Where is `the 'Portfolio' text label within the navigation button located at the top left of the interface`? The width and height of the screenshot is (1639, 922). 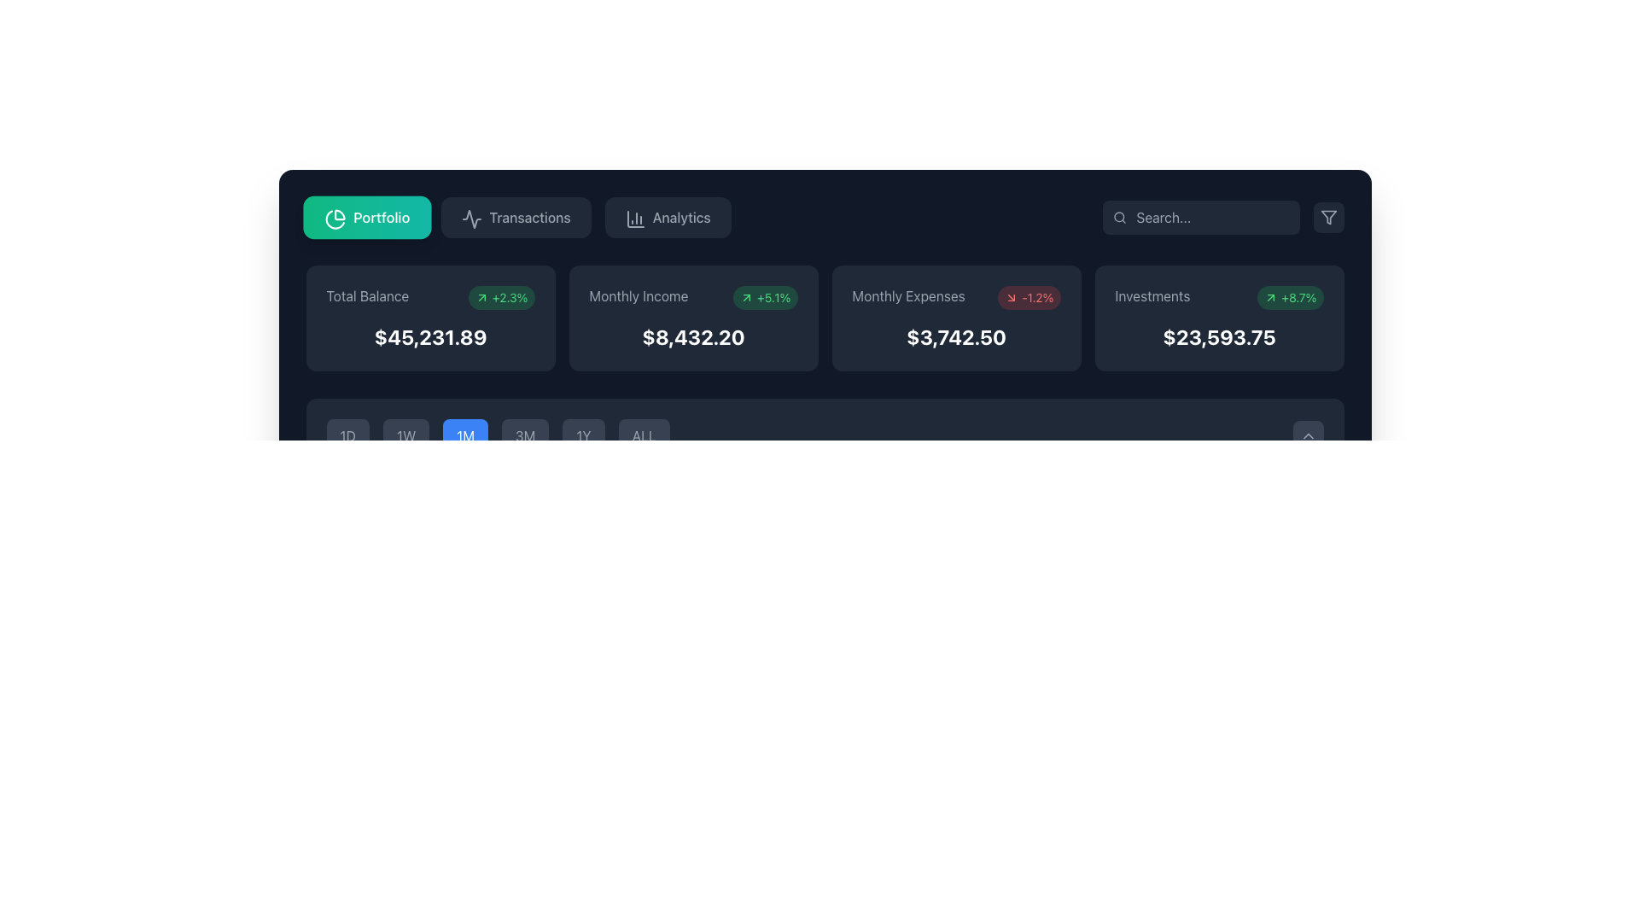
the 'Portfolio' text label within the navigation button located at the top left of the interface is located at coordinates (380, 216).